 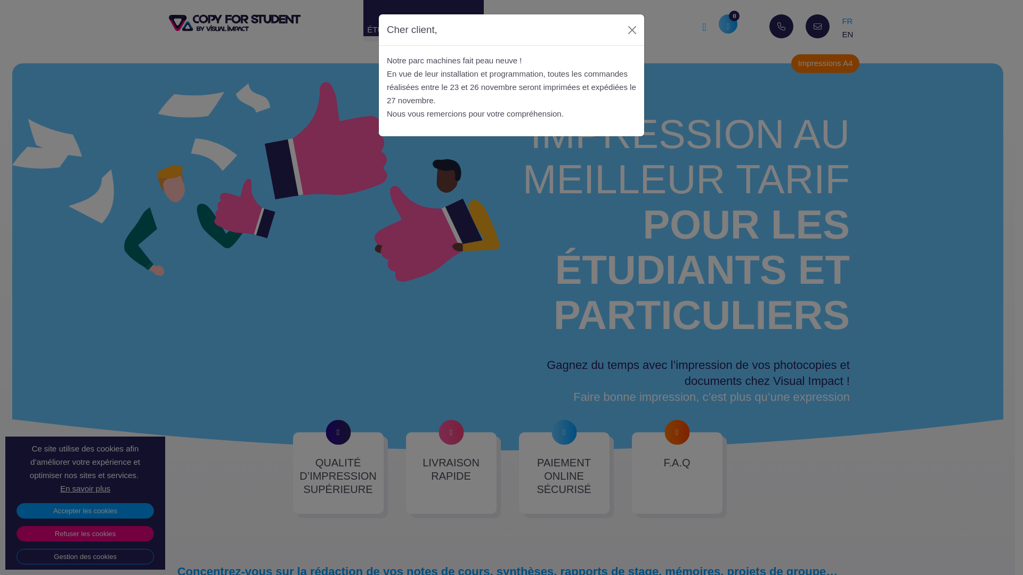 I want to click on 'Impressions A4', so click(x=791, y=63).